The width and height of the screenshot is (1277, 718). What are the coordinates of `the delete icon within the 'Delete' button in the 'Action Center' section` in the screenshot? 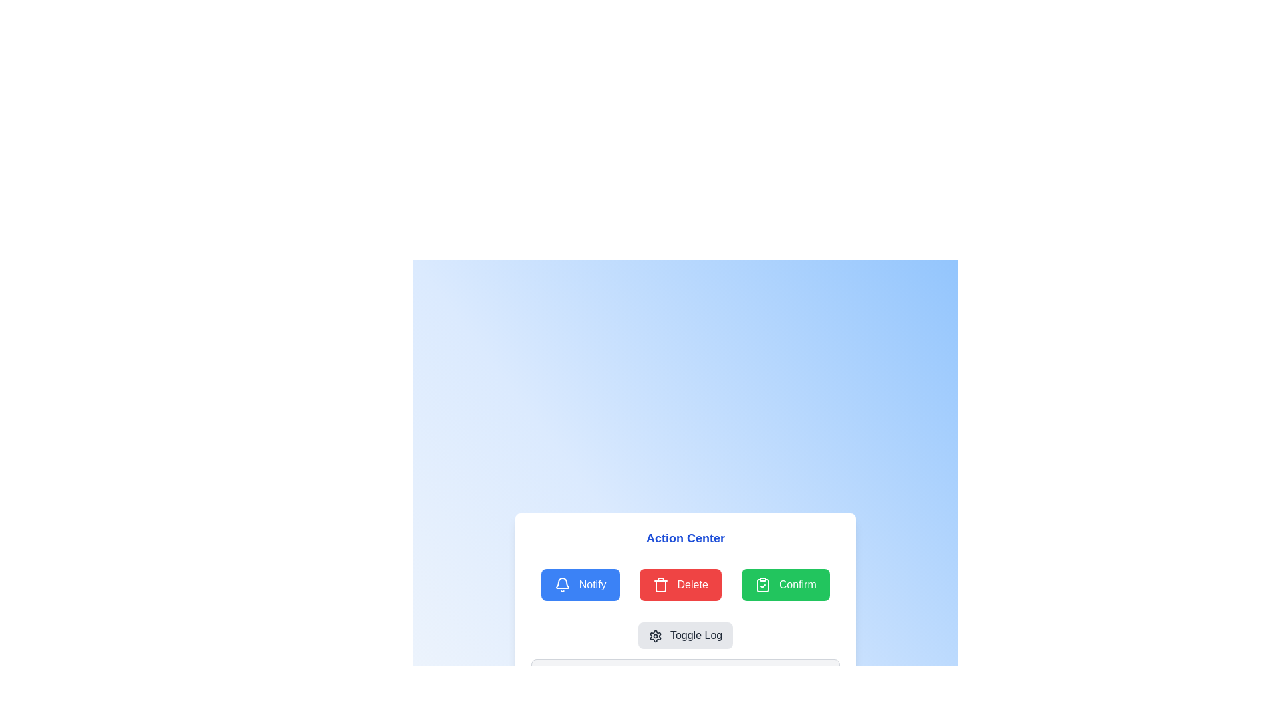 It's located at (661, 584).